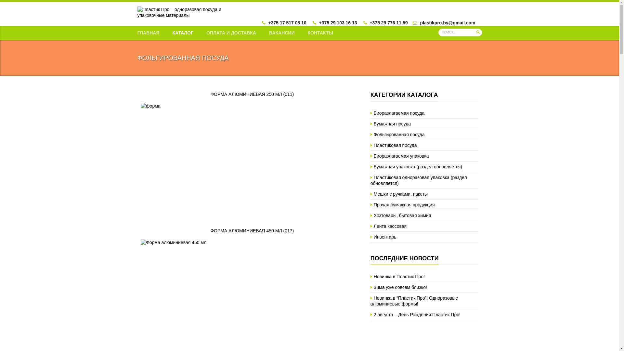  What do you see at coordinates (287, 22) in the screenshot?
I see `'+375 17 517 08 10'` at bounding box center [287, 22].